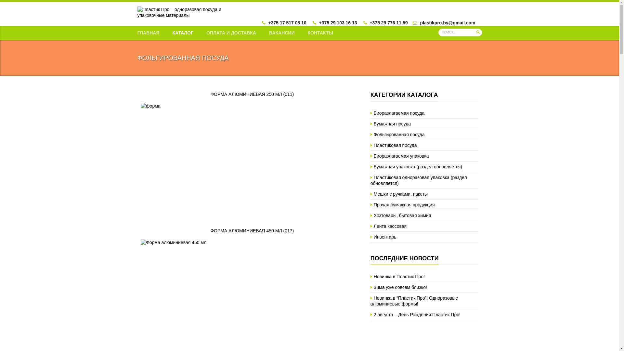  What do you see at coordinates (287, 22) in the screenshot?
I see `'+375 17 517 08 10'` at bounding box center [287, 22].